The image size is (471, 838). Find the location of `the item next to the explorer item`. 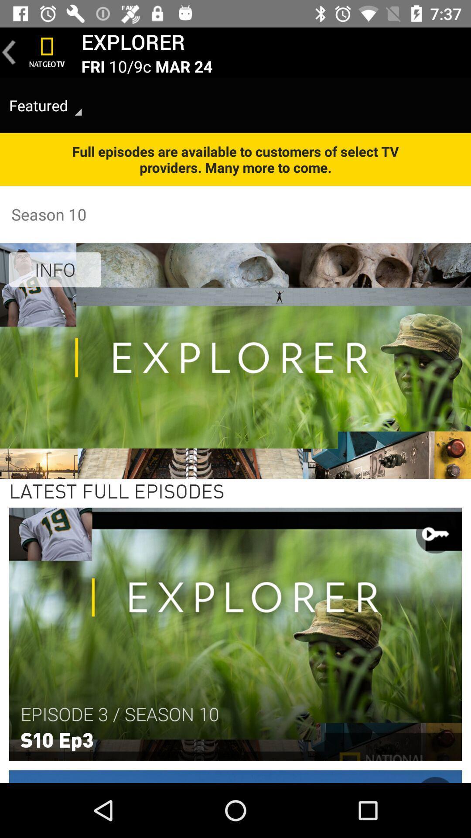

the item next to the explorer item is located at coordinates (47, 52).